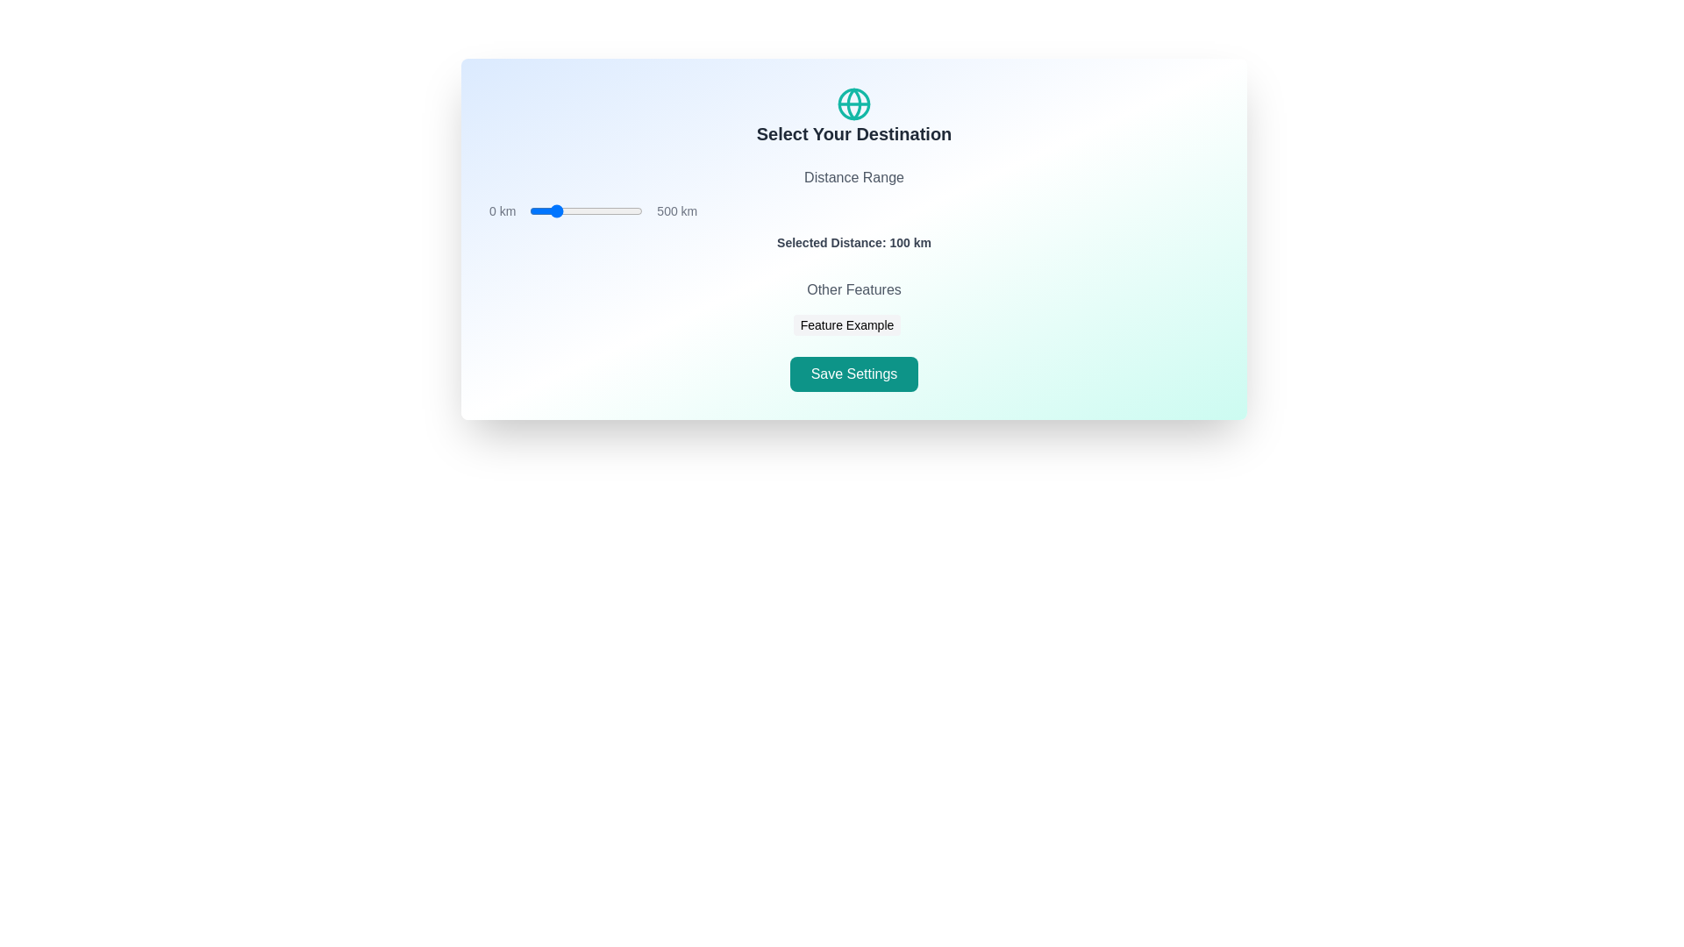 The height and width of the screenshot is (947, 1684). I want to click on the distance range slider to set the distance to 149 km, so click(563, 210).